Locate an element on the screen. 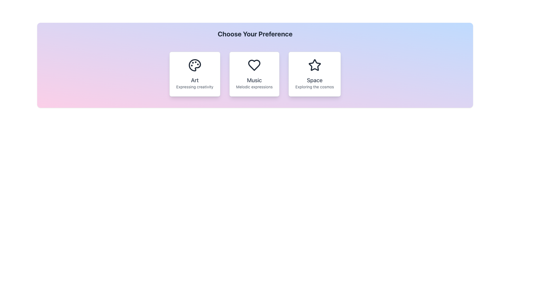 The image size is (533, 300). the Text Label that provides supplementary information for the 'Music' tile, which is located underneath the 'Music' text and part of a vertically stacked layout is located at coordinates (254, 87).